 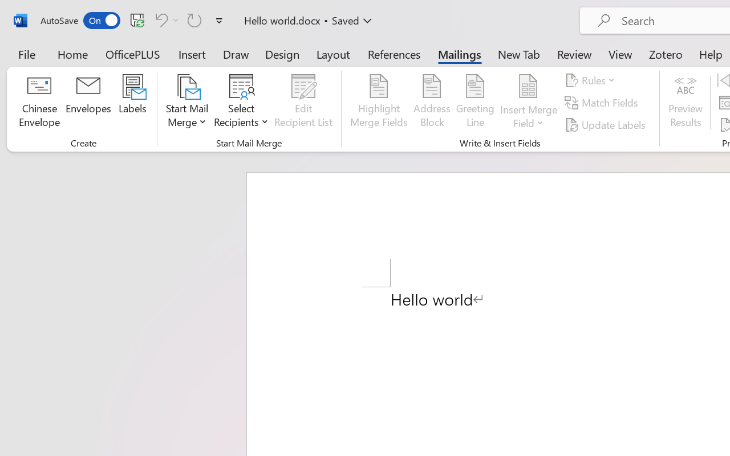 I want to click on 'Mailings', so click(x=460, y=54).